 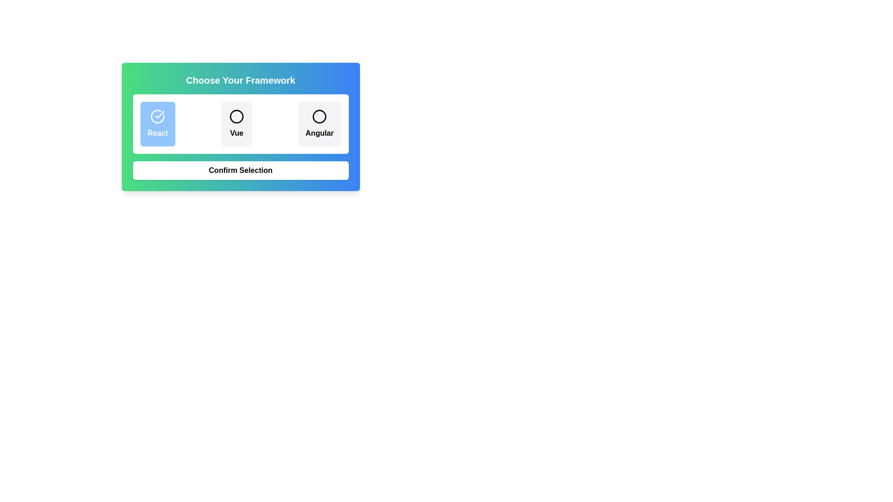 I want to click on the selection indicator that visually indicates the state of the 'Vue' framework option, located centrally within the button labeled 'Vue', so click(x=236, y=116).